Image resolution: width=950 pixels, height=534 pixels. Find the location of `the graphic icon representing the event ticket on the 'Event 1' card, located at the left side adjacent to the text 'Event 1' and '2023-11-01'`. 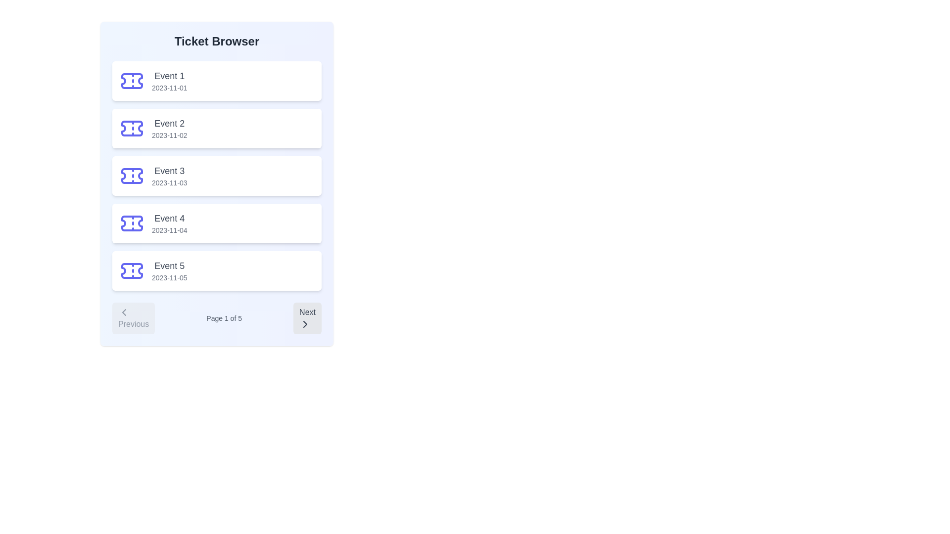

the graphic icon representing the event ticket on the 'Event 1' card, located at the left side adjacent to the text 'Event 1' and '2023-11-01' is located at coordinates (132, 81).